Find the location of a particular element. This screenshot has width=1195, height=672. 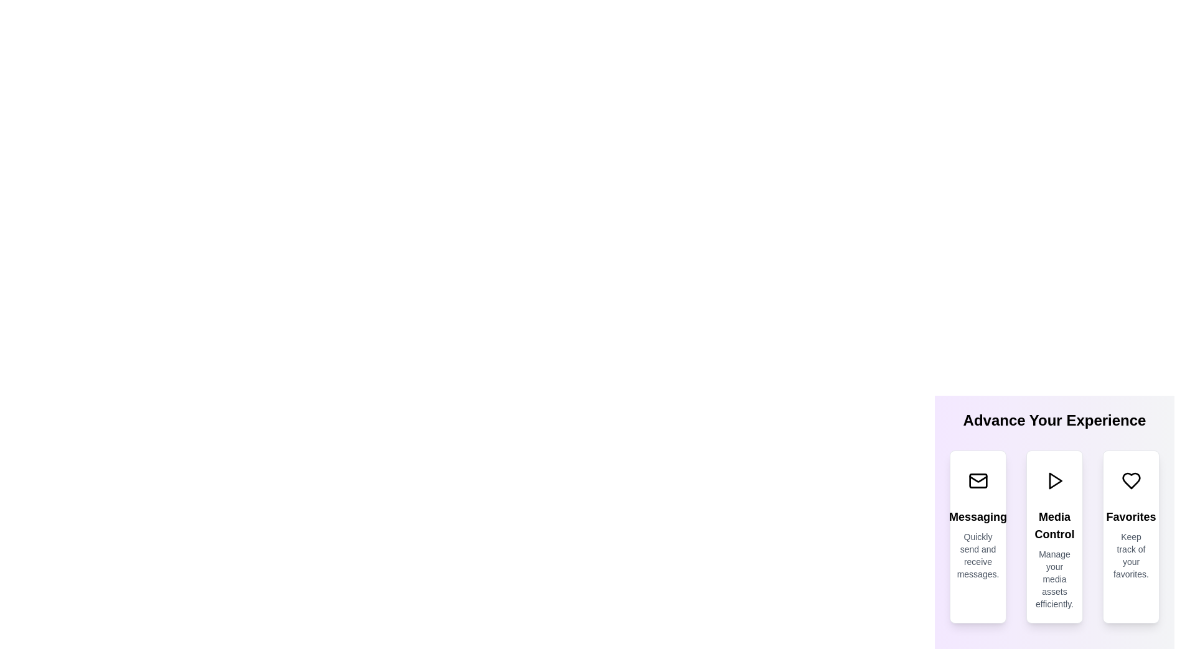

the 'Media Control' heading, which is a bold text element prominently displayed in the media management section of the interface is located at coordinates (1054, 525).